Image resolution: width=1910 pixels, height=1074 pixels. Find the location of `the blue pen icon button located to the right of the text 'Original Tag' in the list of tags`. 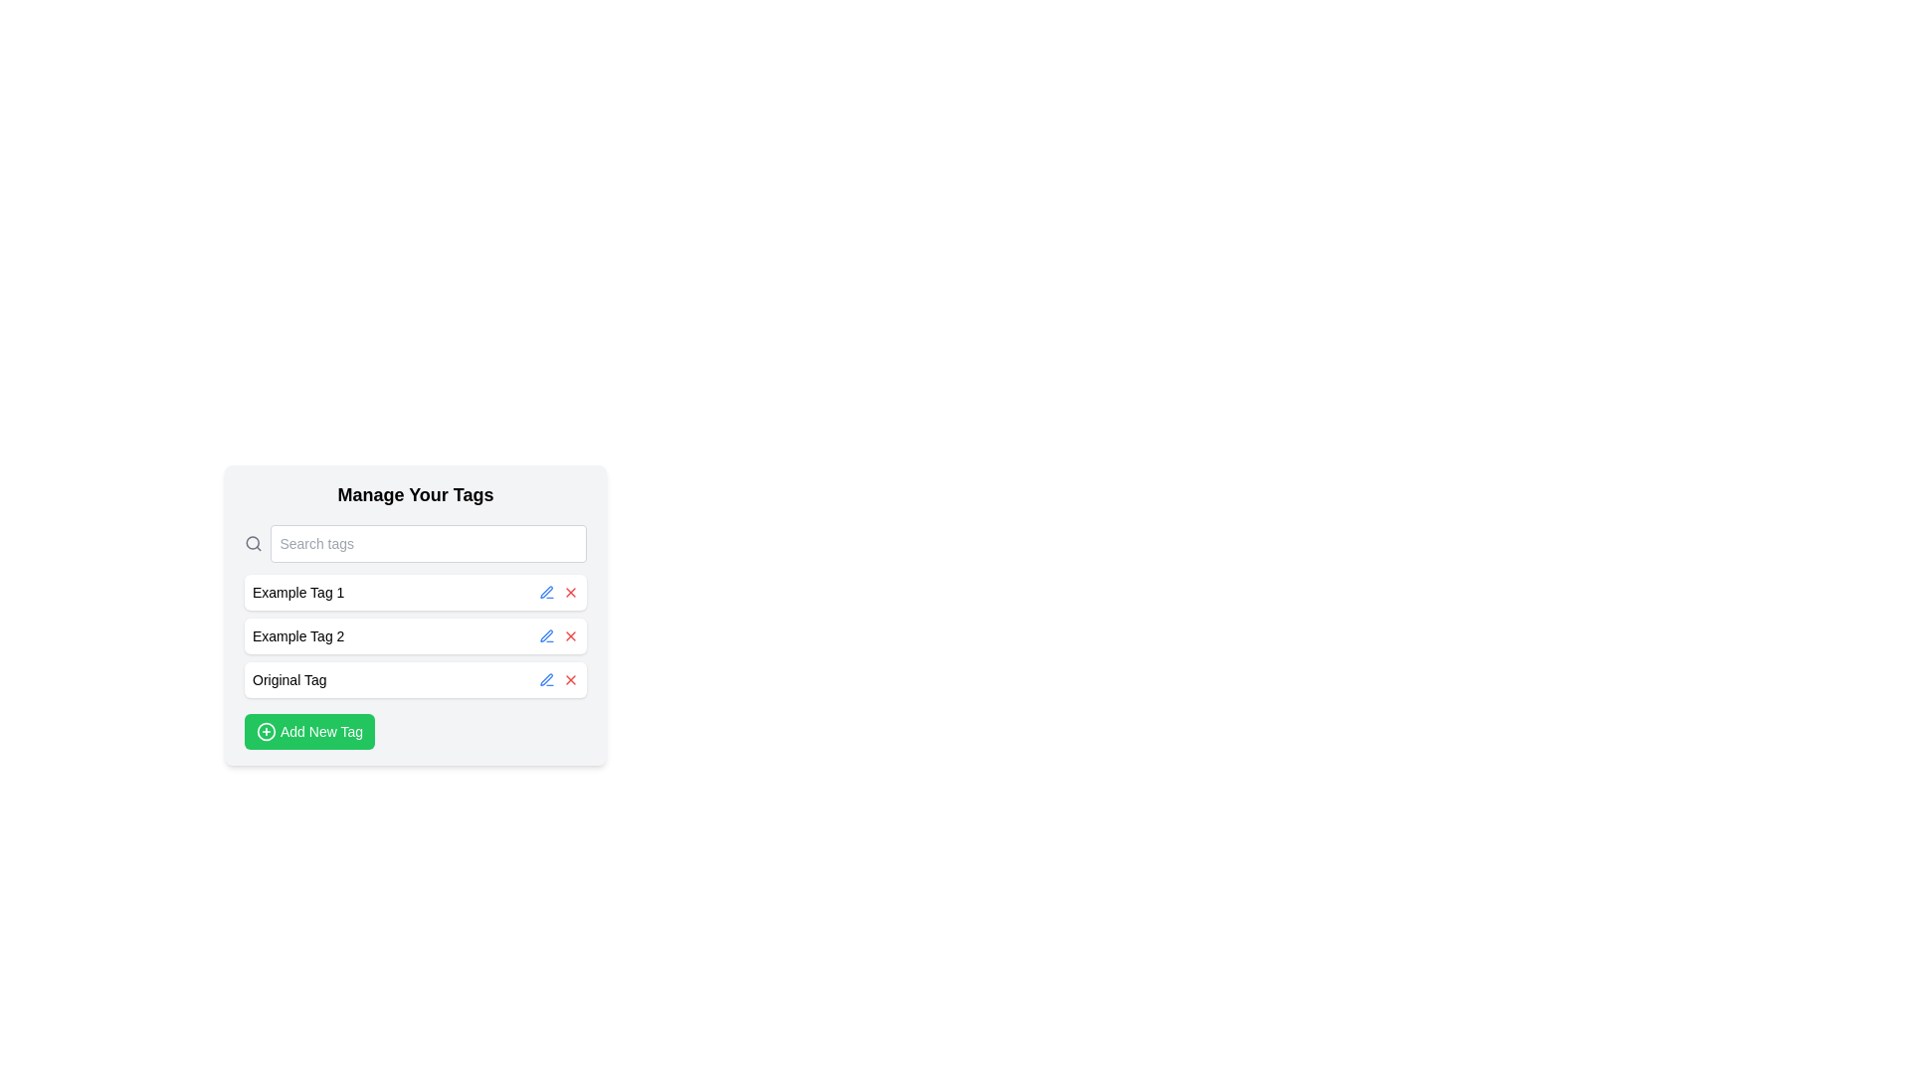

the blue pen icon button located to the right of the text 'Original Tag' in the list of tags is located at coordinates (547, 678).